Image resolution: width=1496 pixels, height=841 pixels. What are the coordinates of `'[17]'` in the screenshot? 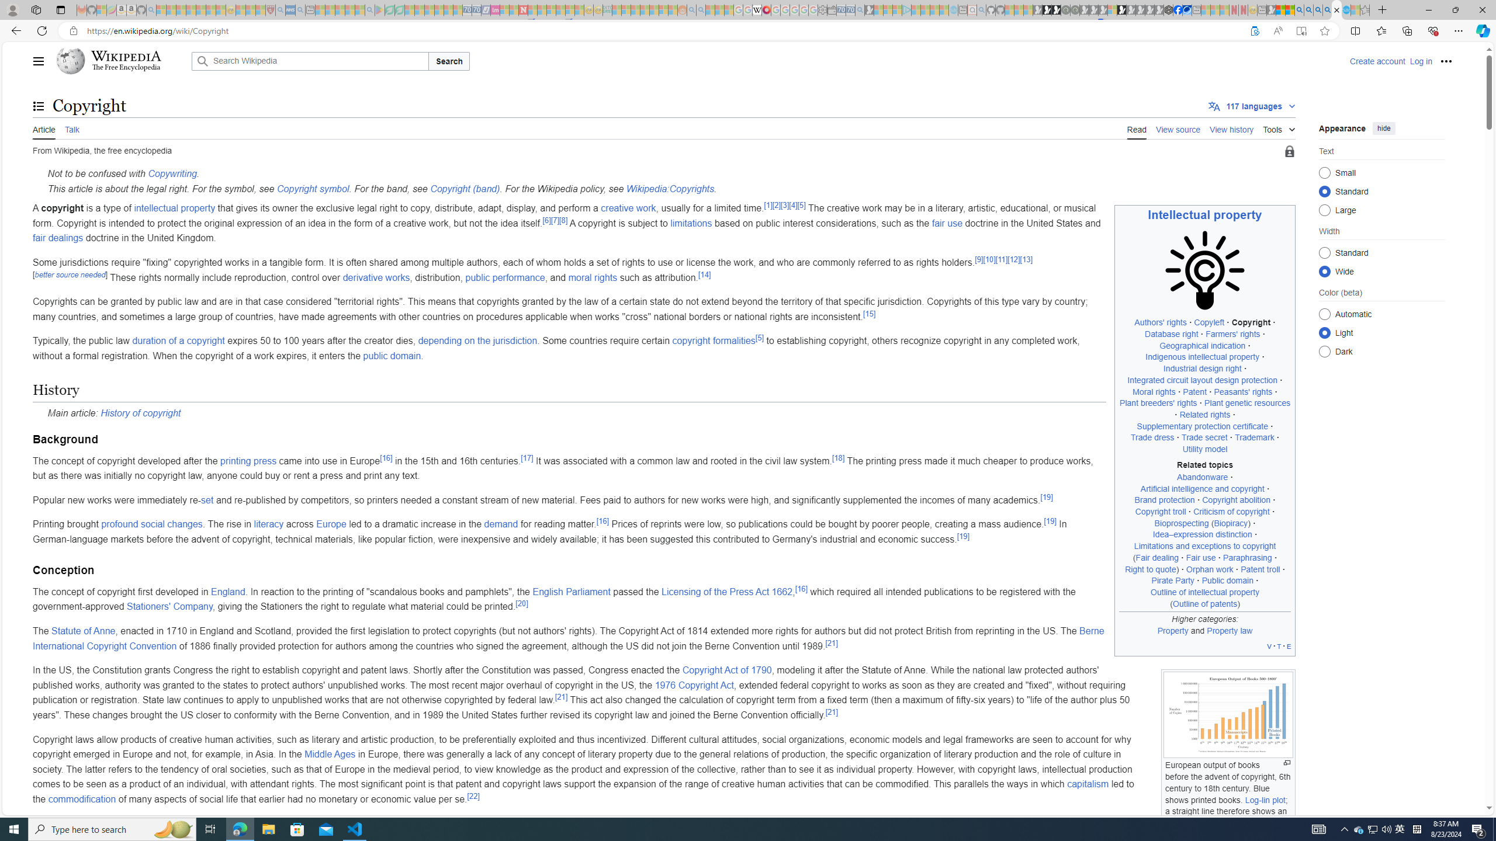 It's located at (527, 458).